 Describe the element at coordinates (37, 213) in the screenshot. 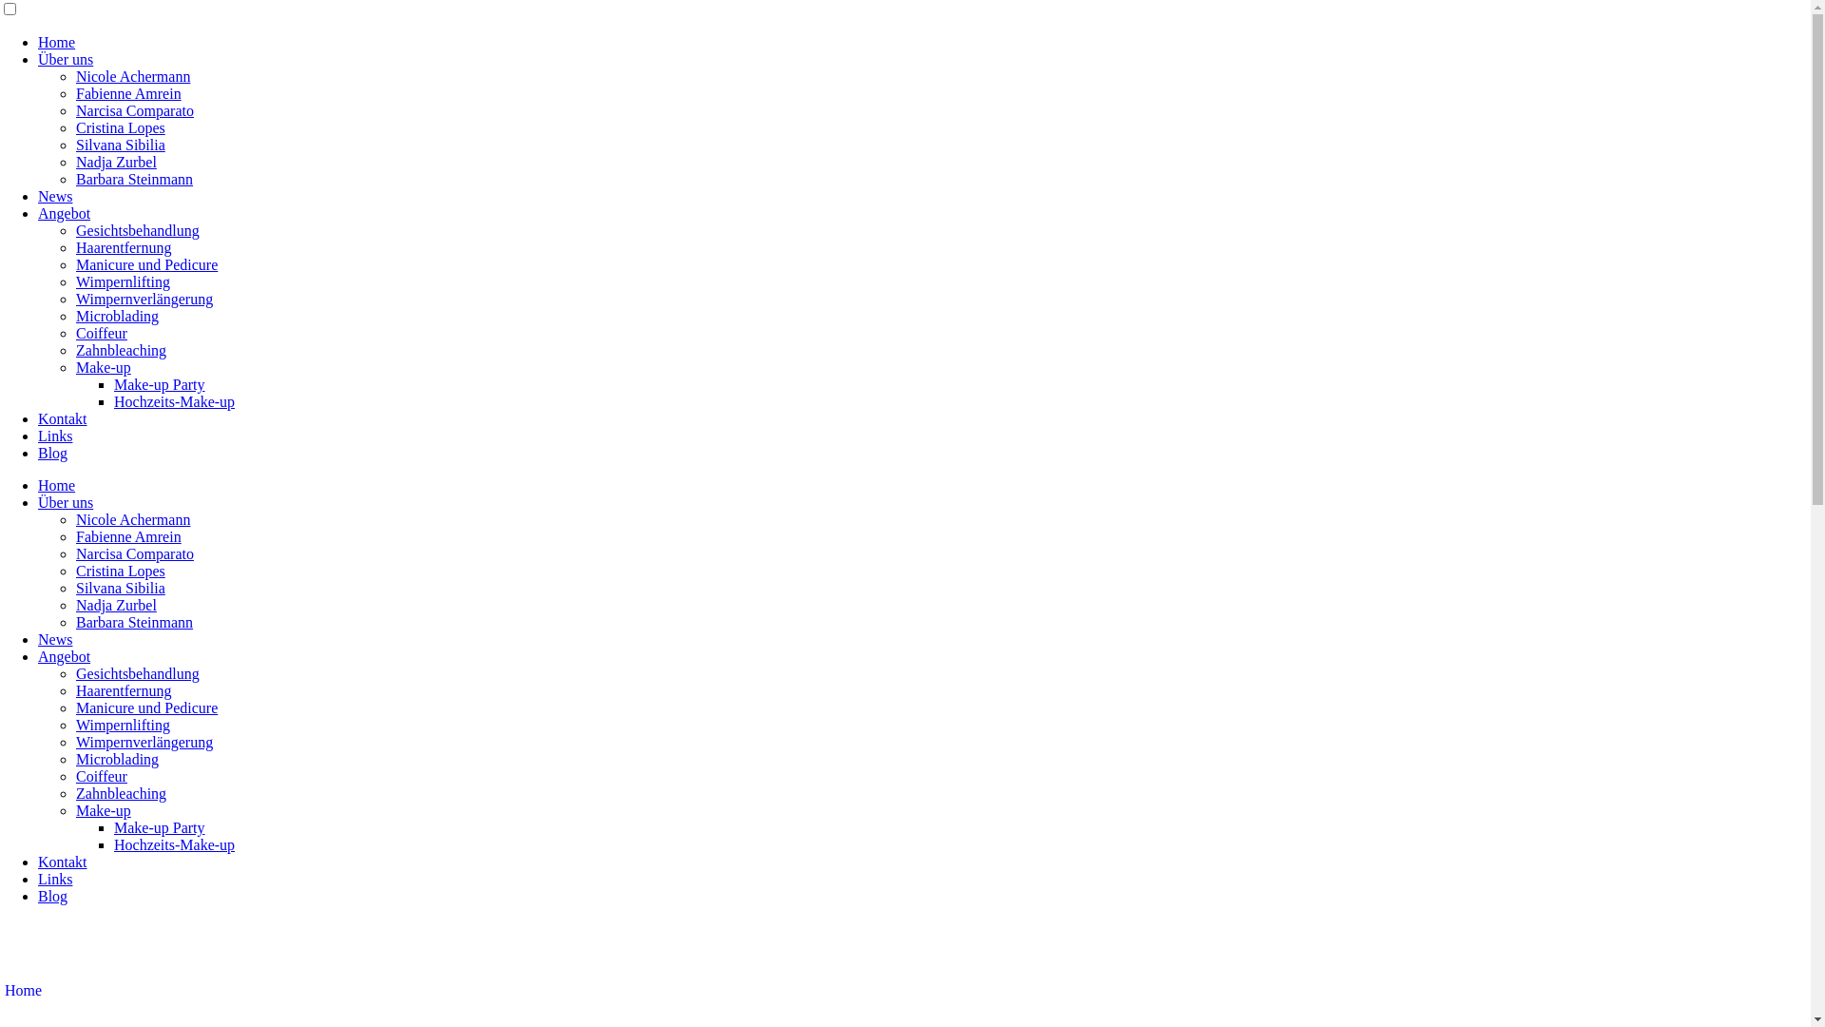

I see `'Angebot'` at that location.